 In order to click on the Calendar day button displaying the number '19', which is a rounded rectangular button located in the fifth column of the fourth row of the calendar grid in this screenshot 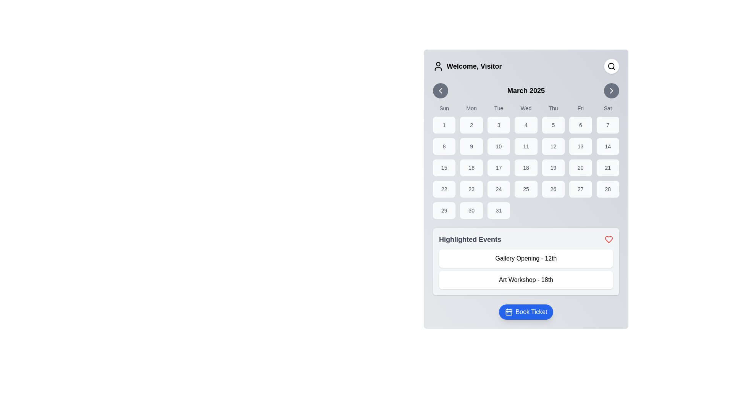, I will do `click(553, 167)`.